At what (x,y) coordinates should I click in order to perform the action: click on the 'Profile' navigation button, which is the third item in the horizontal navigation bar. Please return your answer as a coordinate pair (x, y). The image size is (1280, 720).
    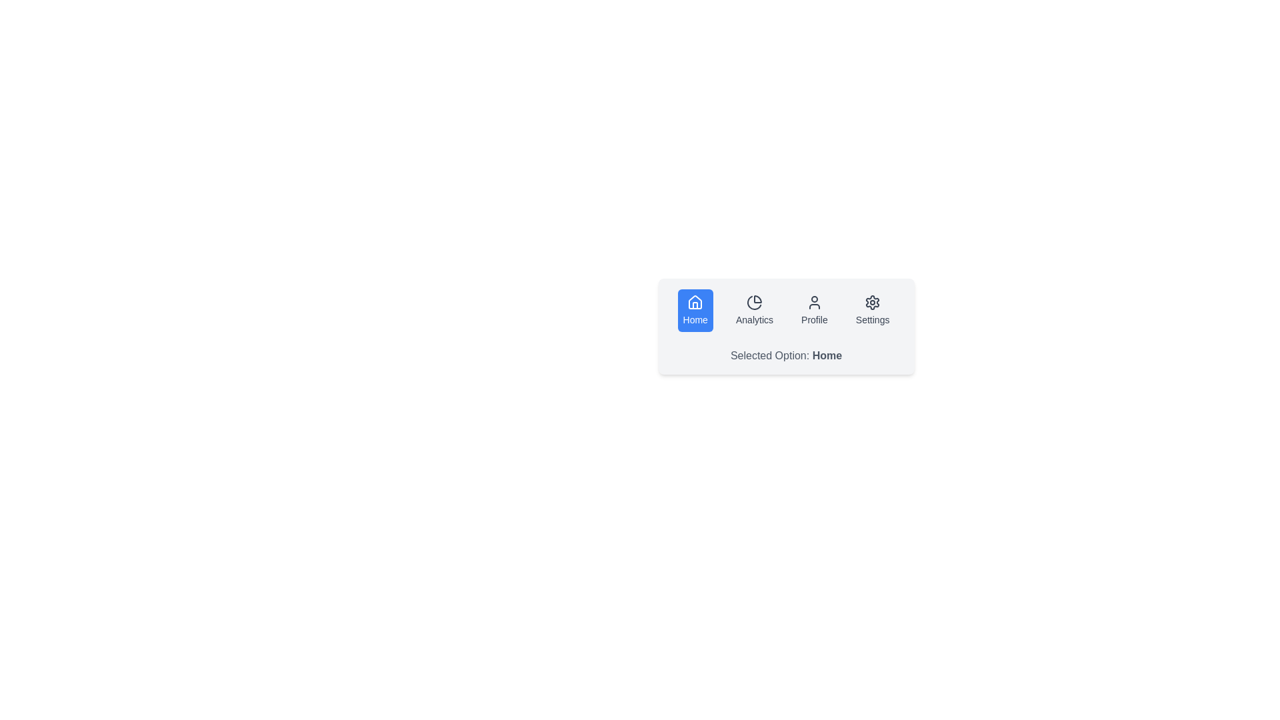
    Looking at the image, I should click on (813, 311).